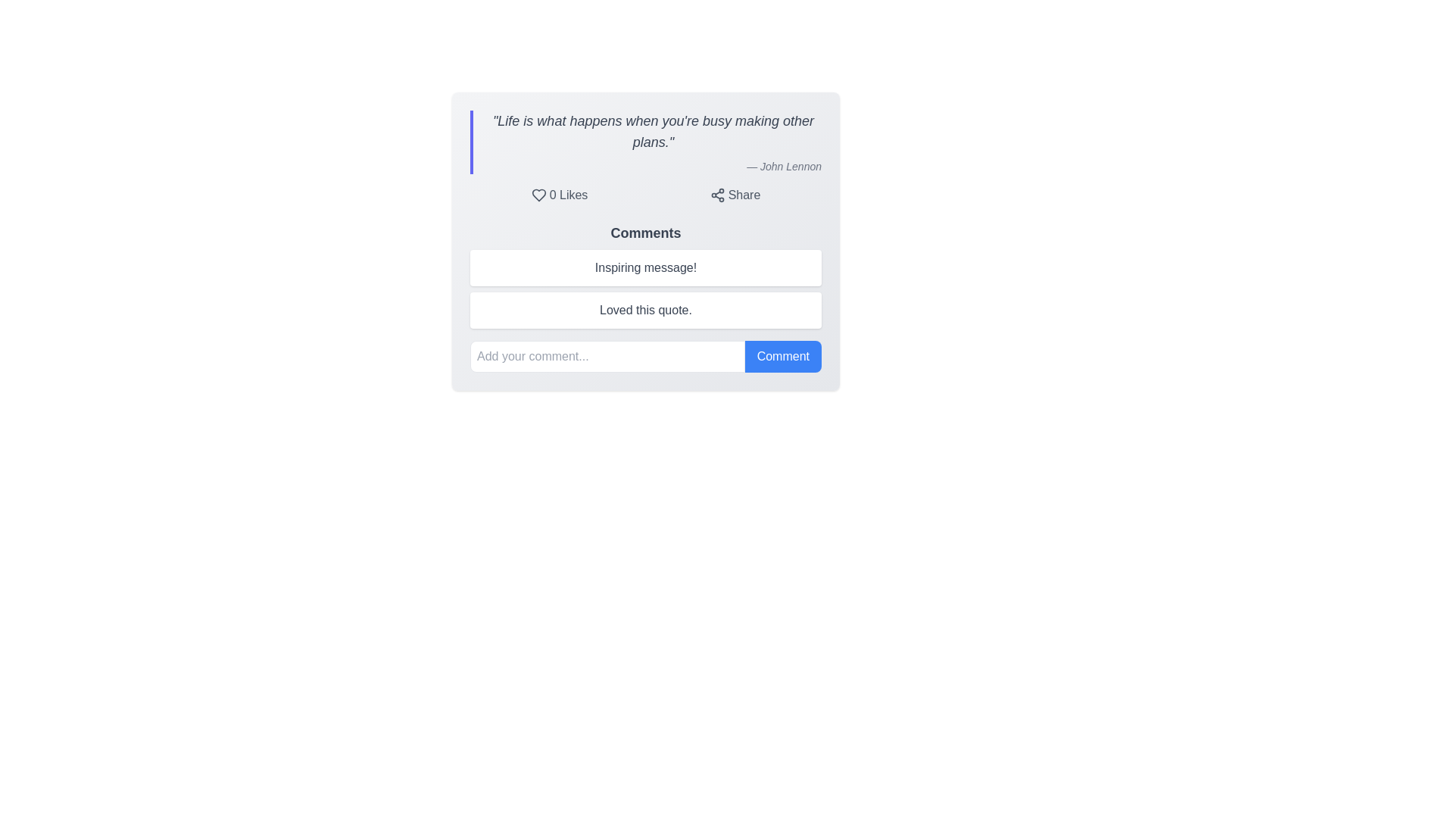  What do you see at coordinates (538, 195) in the screenshot?
I see `the heart-shaped icon representing the 'like' action to express approval for the associated content` at bounding box center [538, 195].